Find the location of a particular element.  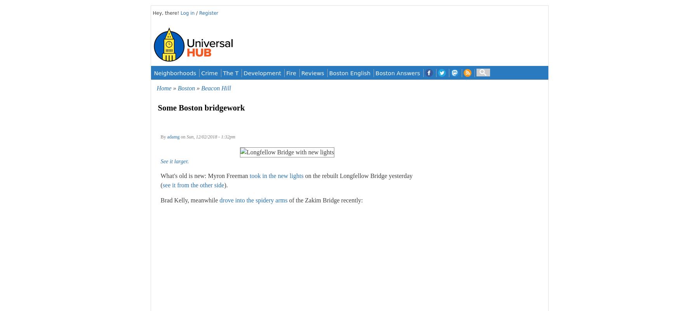

'on the rebuilt Longfellow Bridge yesterday (' is located at coordinates (286, 180).